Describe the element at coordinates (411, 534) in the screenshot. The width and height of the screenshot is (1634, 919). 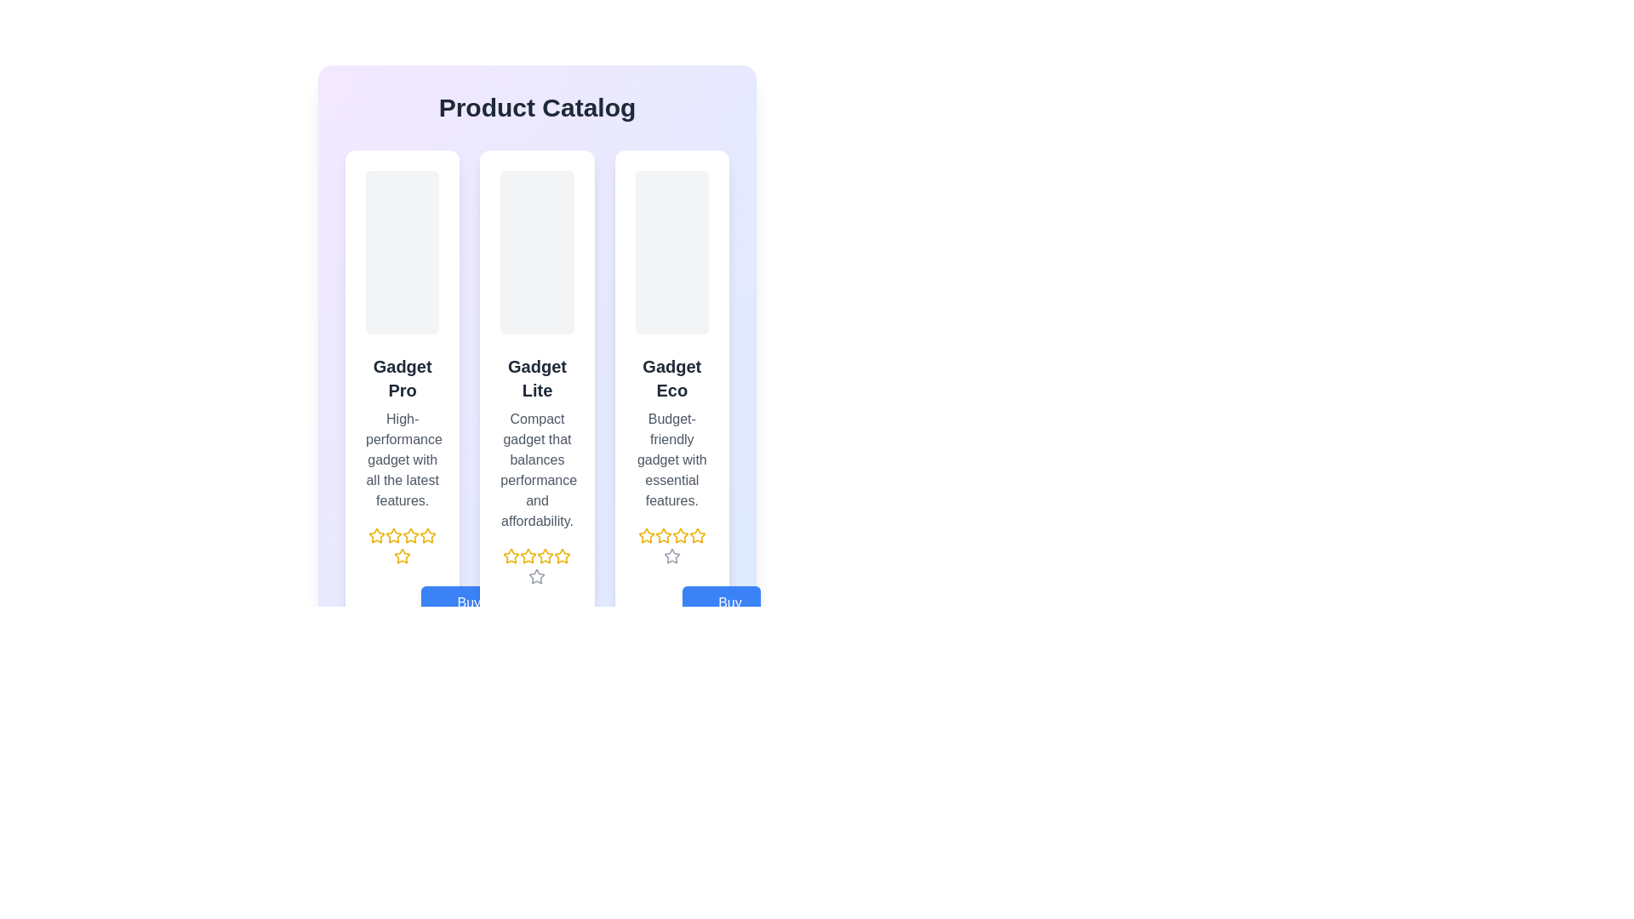
I see `the second star-shaped rating icon, which is colored yellow and located beneath the 'Gadget Pro' text in the first card of the product catalog` at that location.